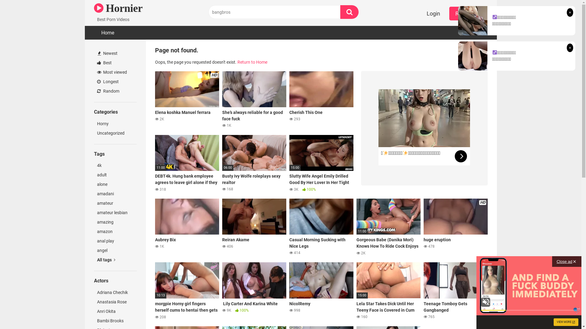 The width and height of the screenshot is (586, 329). Describe the element at coordinates (118, 8) in the screenshot. I see `'Hornier'` at that location.